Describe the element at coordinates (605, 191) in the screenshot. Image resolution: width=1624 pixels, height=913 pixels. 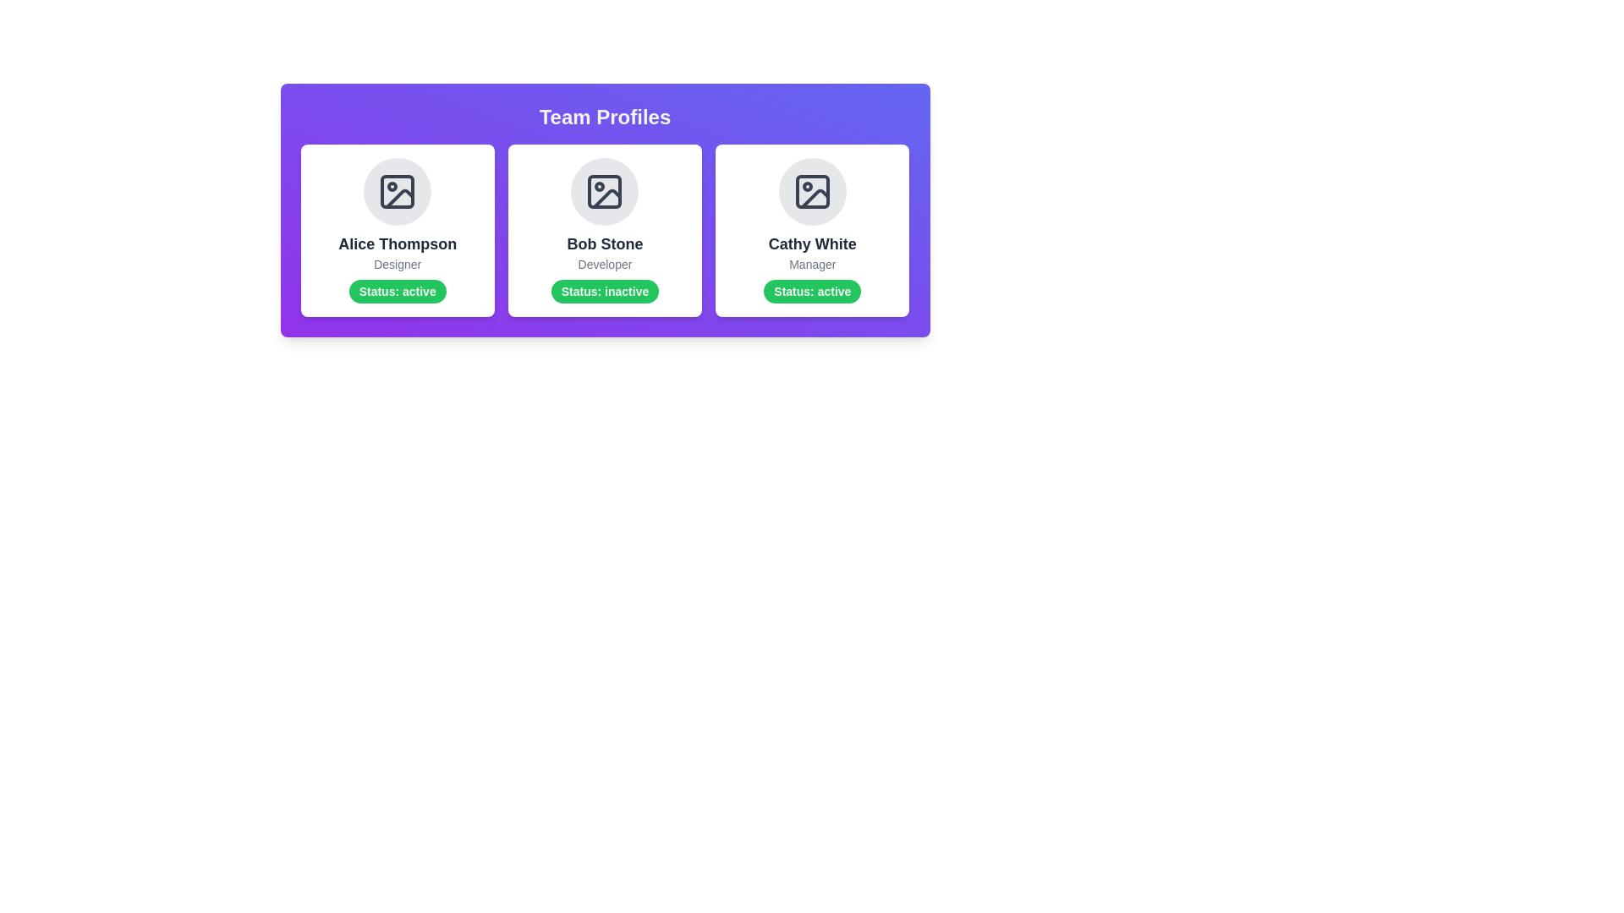
I see `the icon representing the profile picture placeholder for 'Bob Stone', located in the middle profile card of three displayed cards` at that location.